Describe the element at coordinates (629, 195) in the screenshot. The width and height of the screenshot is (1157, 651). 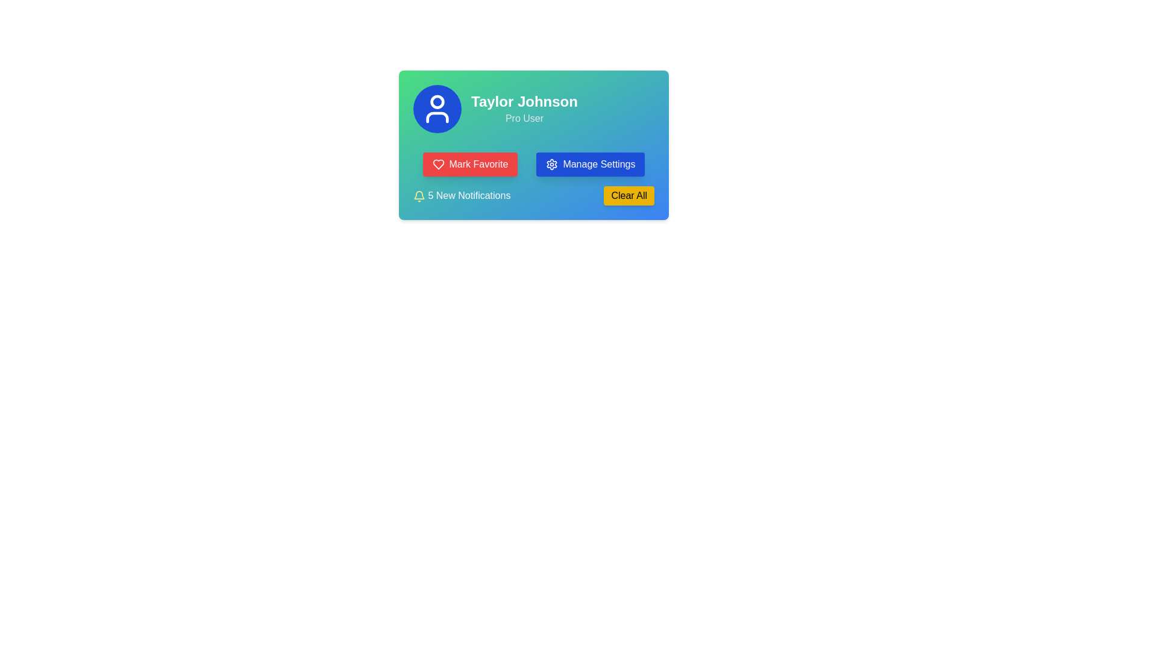
I see `the 'Clear Notifications' button located at the bottom-right of the notification panel` at that location.